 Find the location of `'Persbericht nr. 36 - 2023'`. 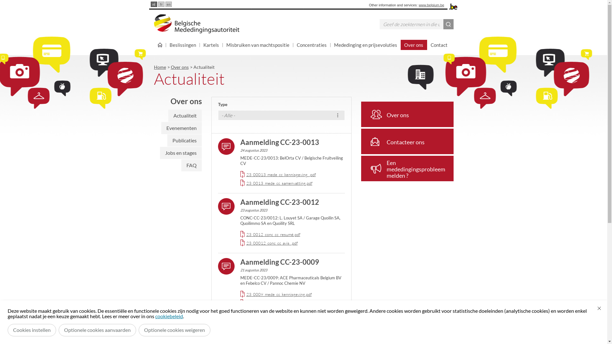

'Persbericht nr. 36 - 2023' is located at coordinates (280, 322).